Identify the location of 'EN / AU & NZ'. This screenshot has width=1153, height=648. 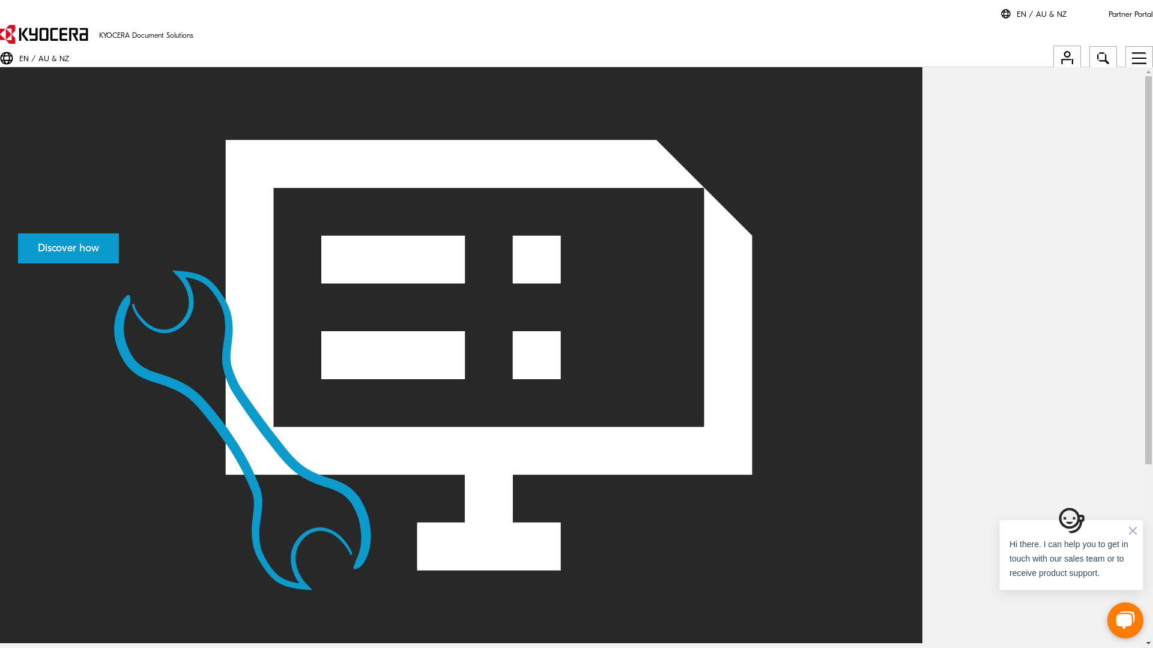
(1041, 14).